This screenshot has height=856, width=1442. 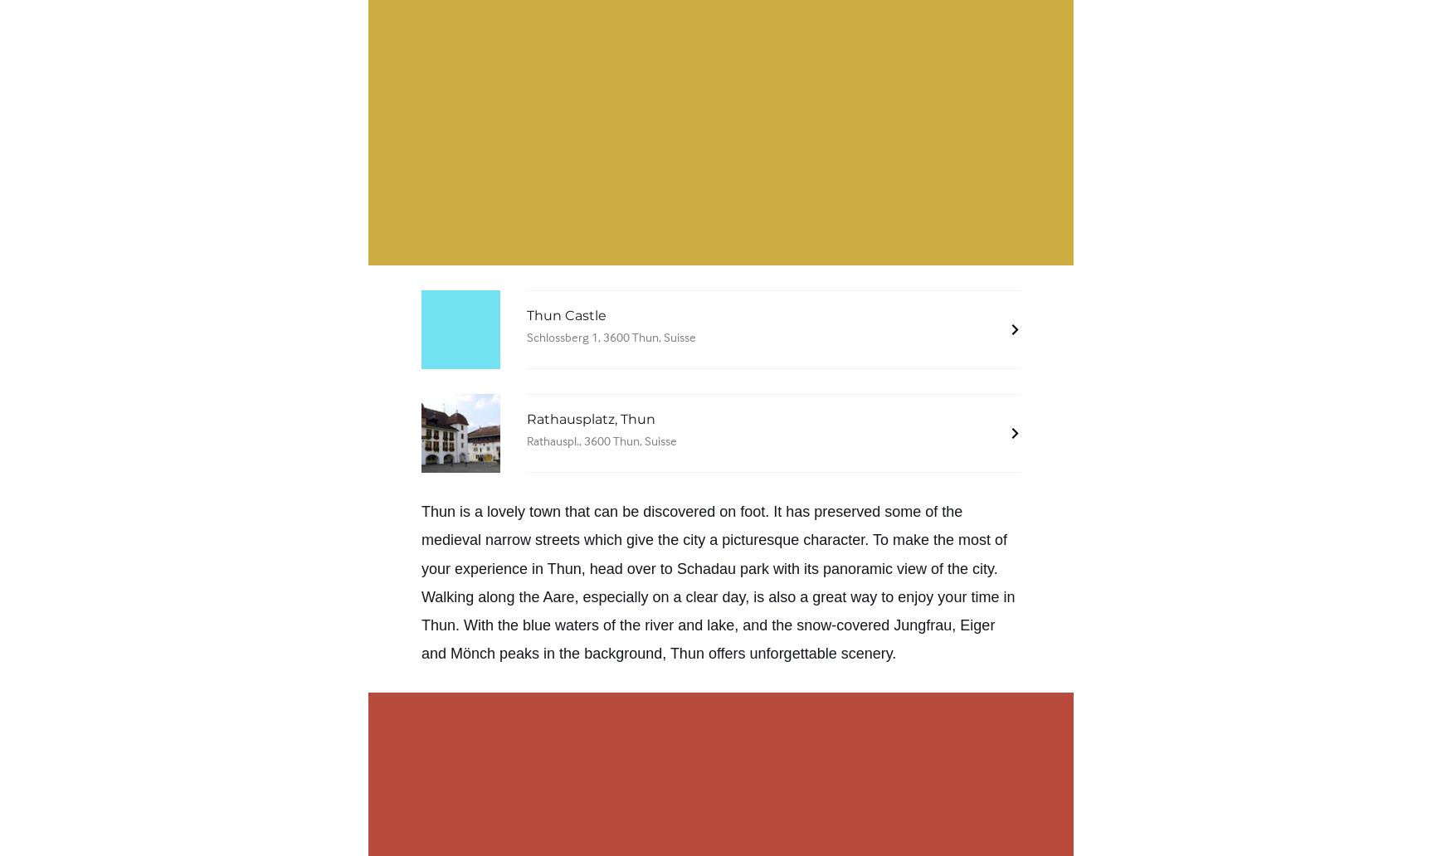 What do you see at coordinates (603, 512) in the screenshot?
I see `'Thun is a lovely town that can be discovered on foot. It'` at bounding box center [603, 512].